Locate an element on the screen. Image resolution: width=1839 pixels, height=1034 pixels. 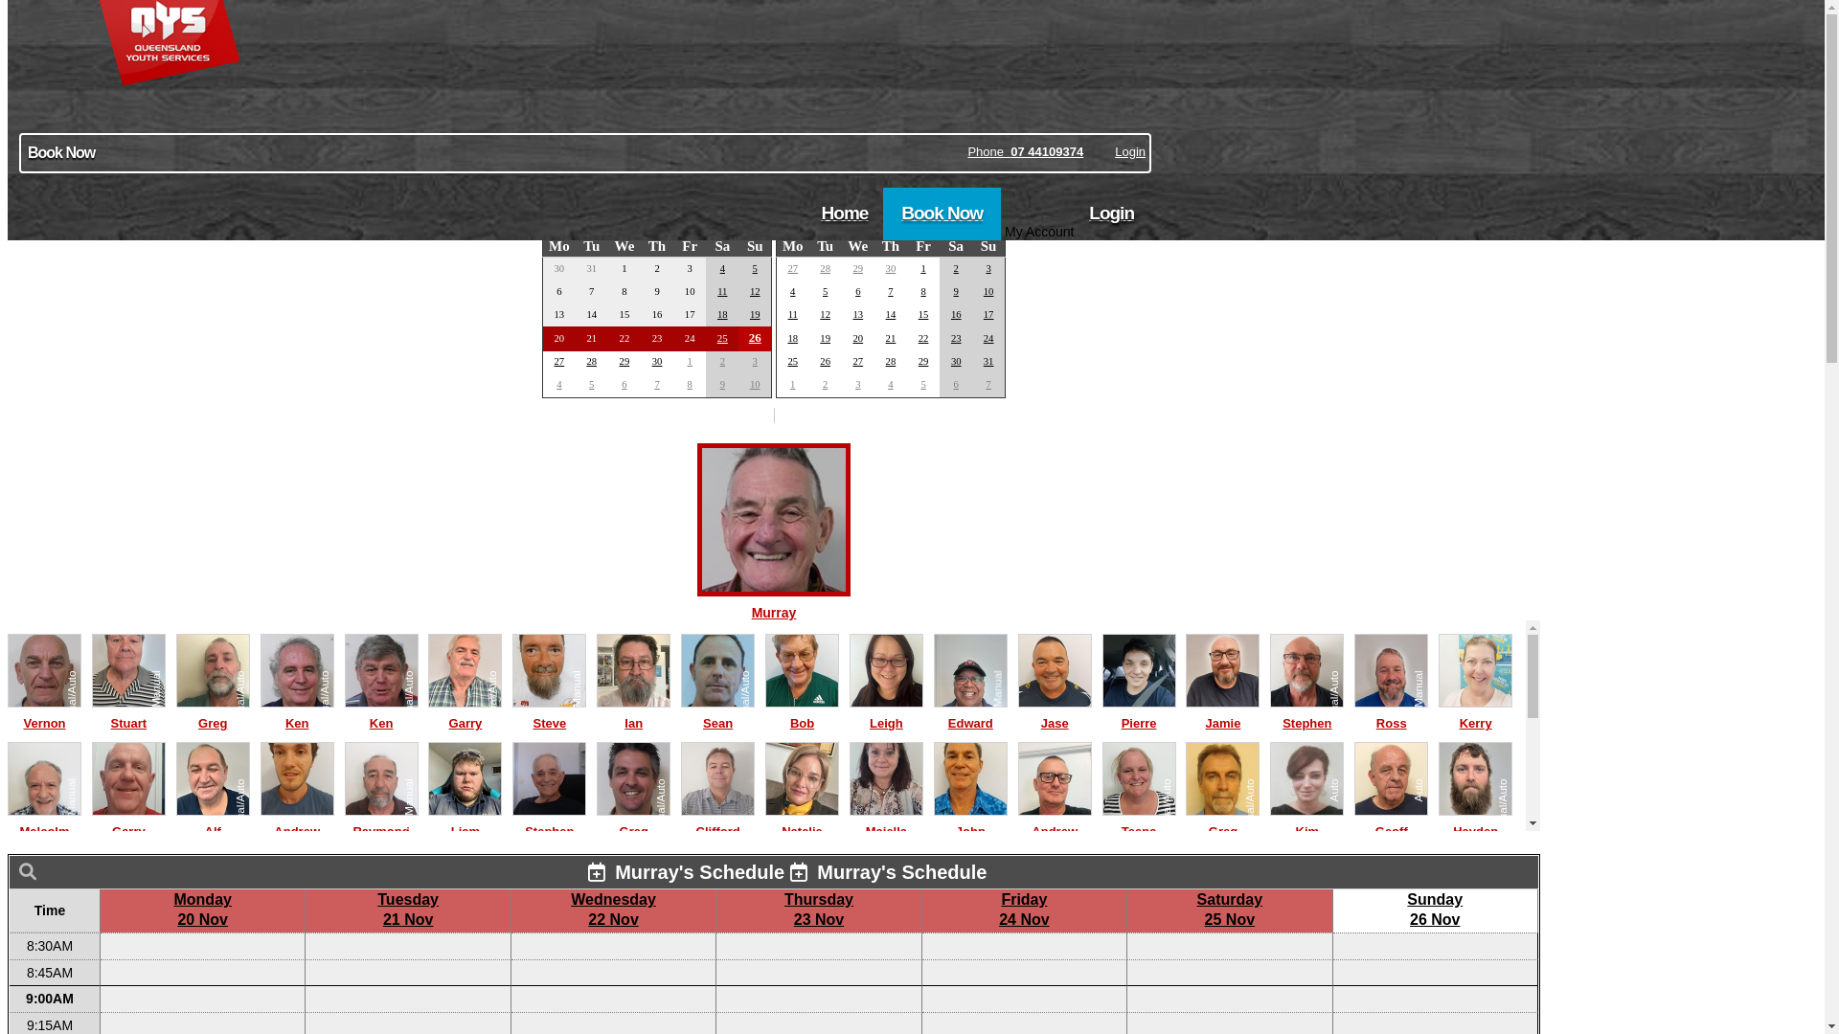
'28' is located at coordinates (825, 268).